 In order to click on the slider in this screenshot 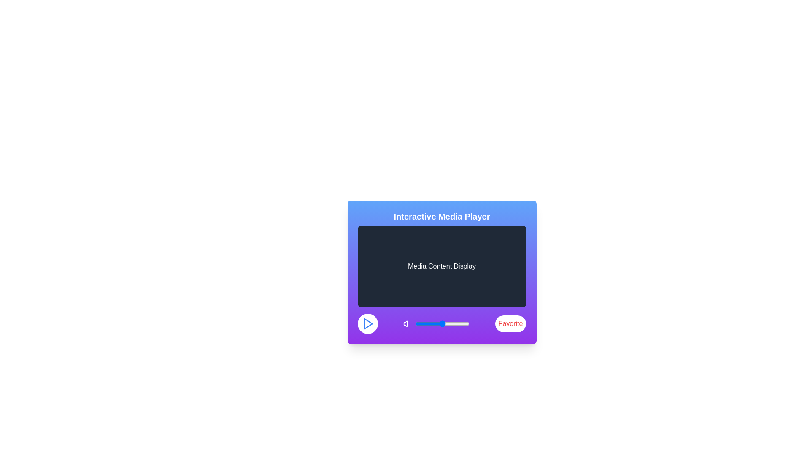, I will do `click(459, 323)`.